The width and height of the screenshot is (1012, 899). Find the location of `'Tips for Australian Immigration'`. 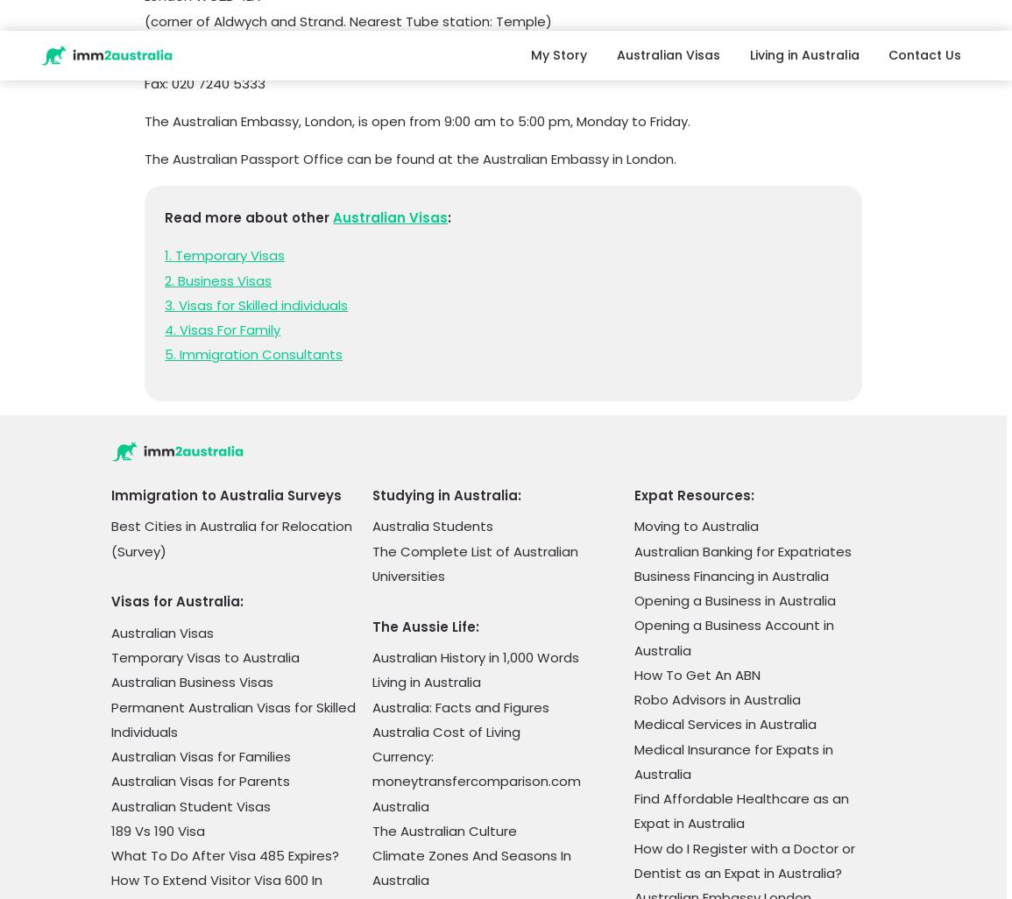

'Tips for Australian Immigration' is located at coordinates (209, 237).